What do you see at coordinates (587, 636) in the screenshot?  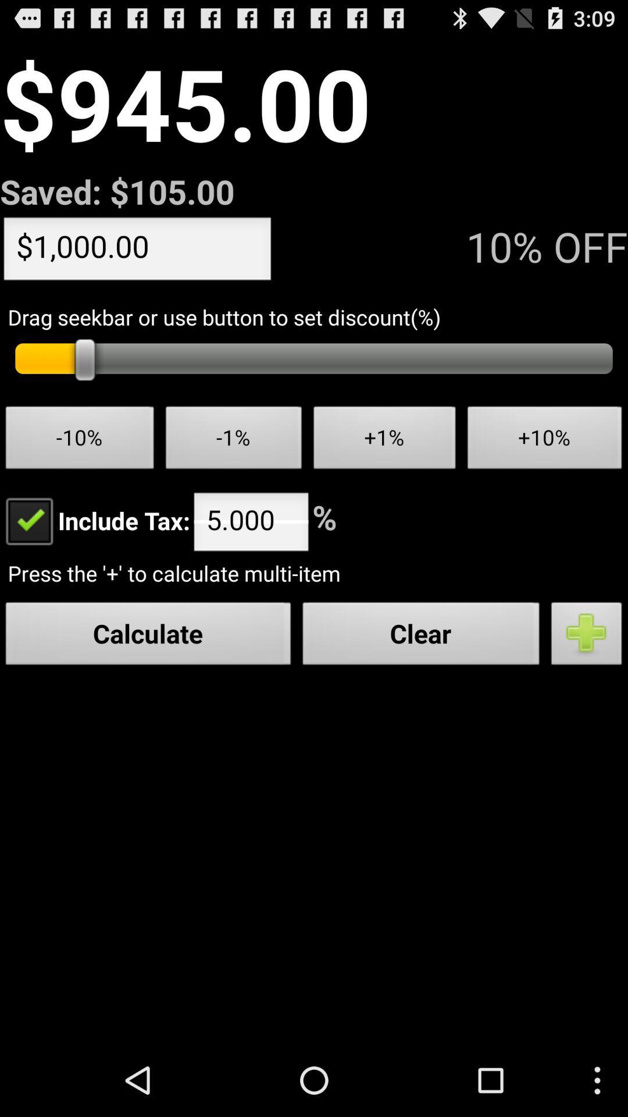 I see `the button next to the clear button` at bounding box center [587, 636].